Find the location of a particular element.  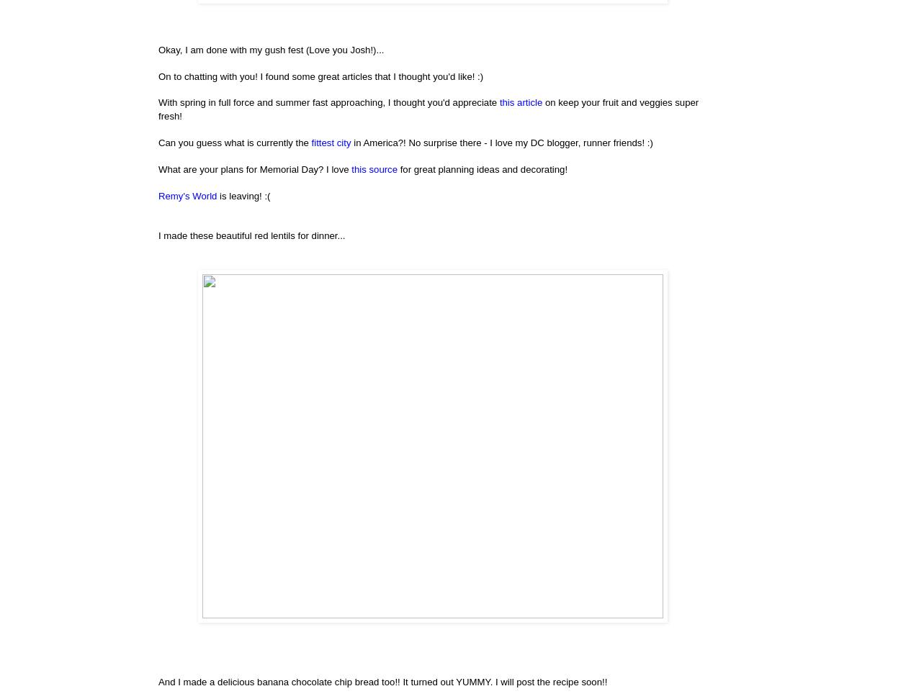

'And I made a delicious banana chocolate chip bread too!! It turned out YUMMY. I will post the recipe soon!!' is located at coordinates (158, 680).